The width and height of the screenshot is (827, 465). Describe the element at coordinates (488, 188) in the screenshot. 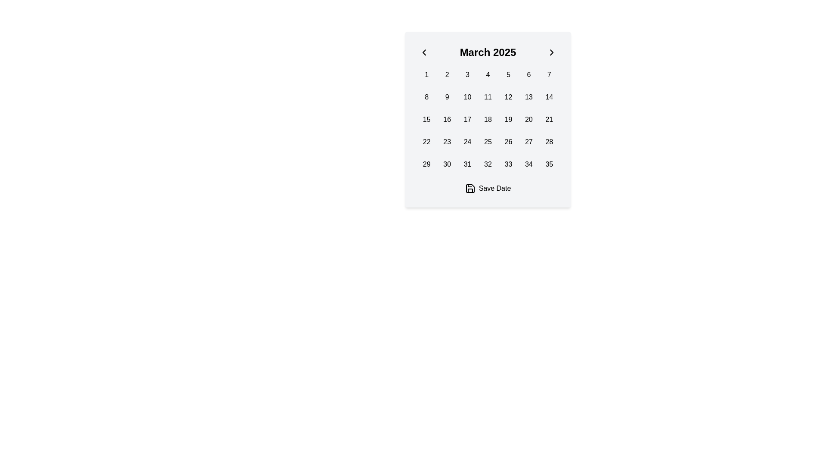

I see `the save button located below the calendar interface` at that location.